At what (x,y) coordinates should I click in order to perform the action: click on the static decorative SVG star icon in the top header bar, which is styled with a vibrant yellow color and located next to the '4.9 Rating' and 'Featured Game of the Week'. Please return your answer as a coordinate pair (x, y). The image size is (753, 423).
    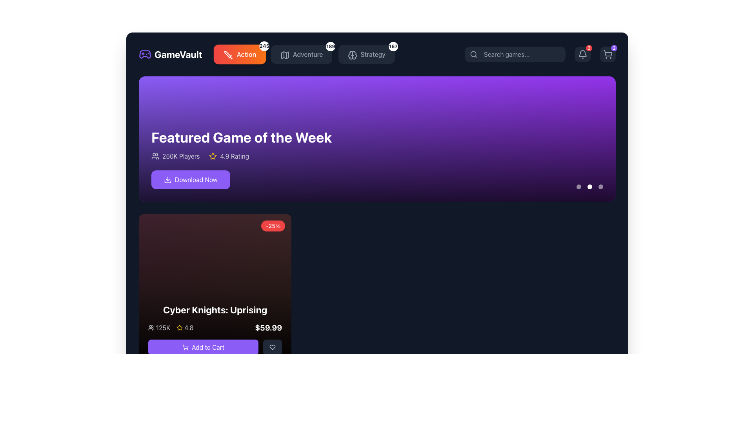
    Looking at the image, I should click on (213, 156).